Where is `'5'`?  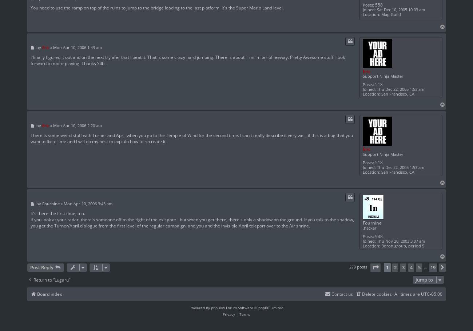
'5' is located at coordinates (419, 267).